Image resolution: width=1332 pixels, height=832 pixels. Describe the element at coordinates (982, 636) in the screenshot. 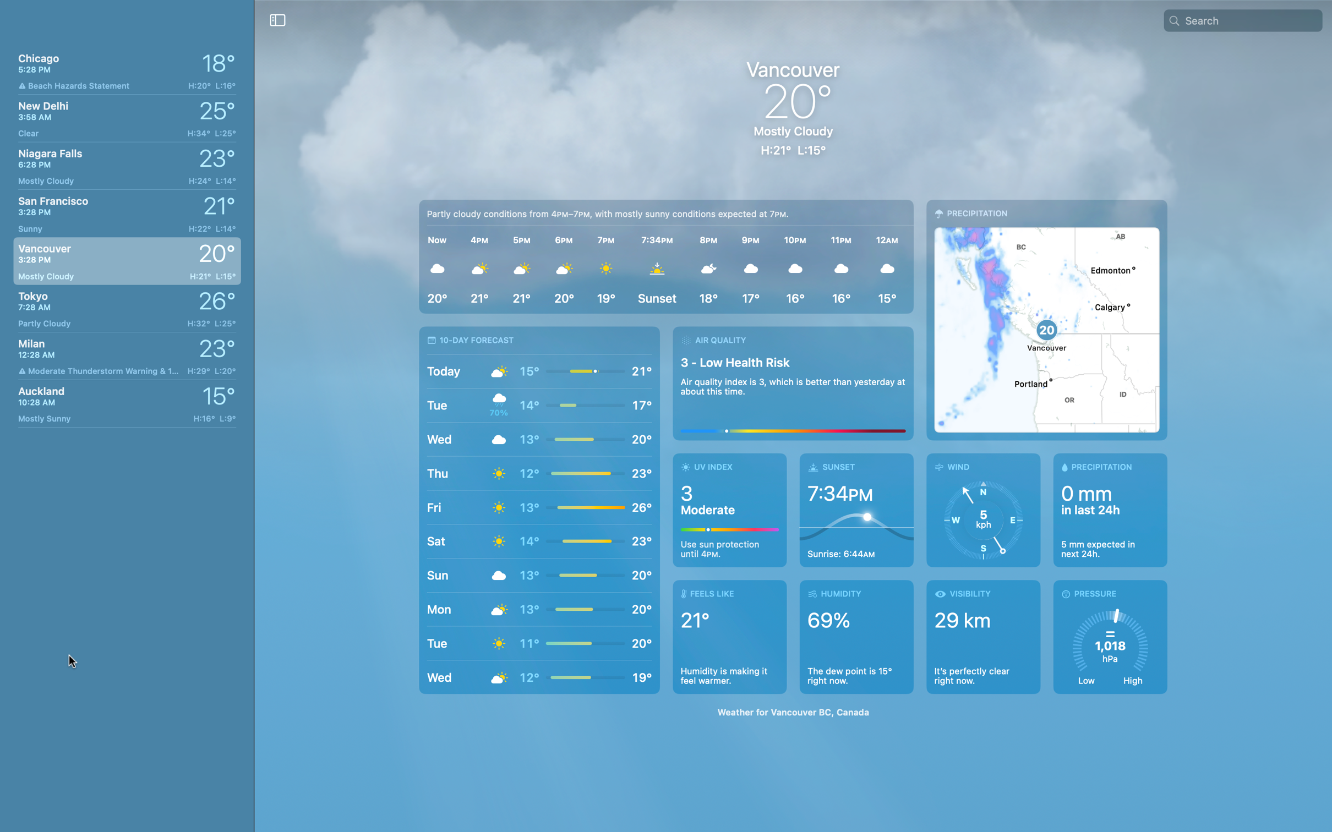

I see `Verify the sight conditions in Vancouver` at that location.